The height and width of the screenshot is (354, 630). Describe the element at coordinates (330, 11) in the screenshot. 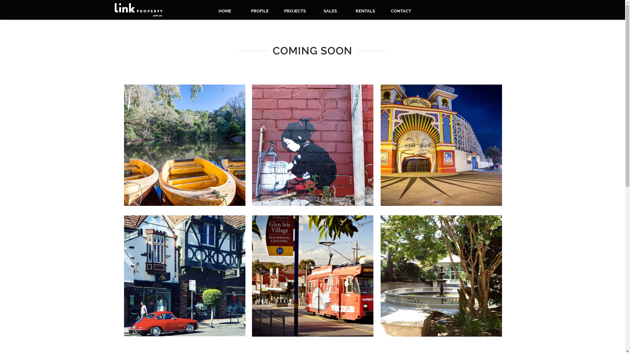

I see `'SALES'` at that location.